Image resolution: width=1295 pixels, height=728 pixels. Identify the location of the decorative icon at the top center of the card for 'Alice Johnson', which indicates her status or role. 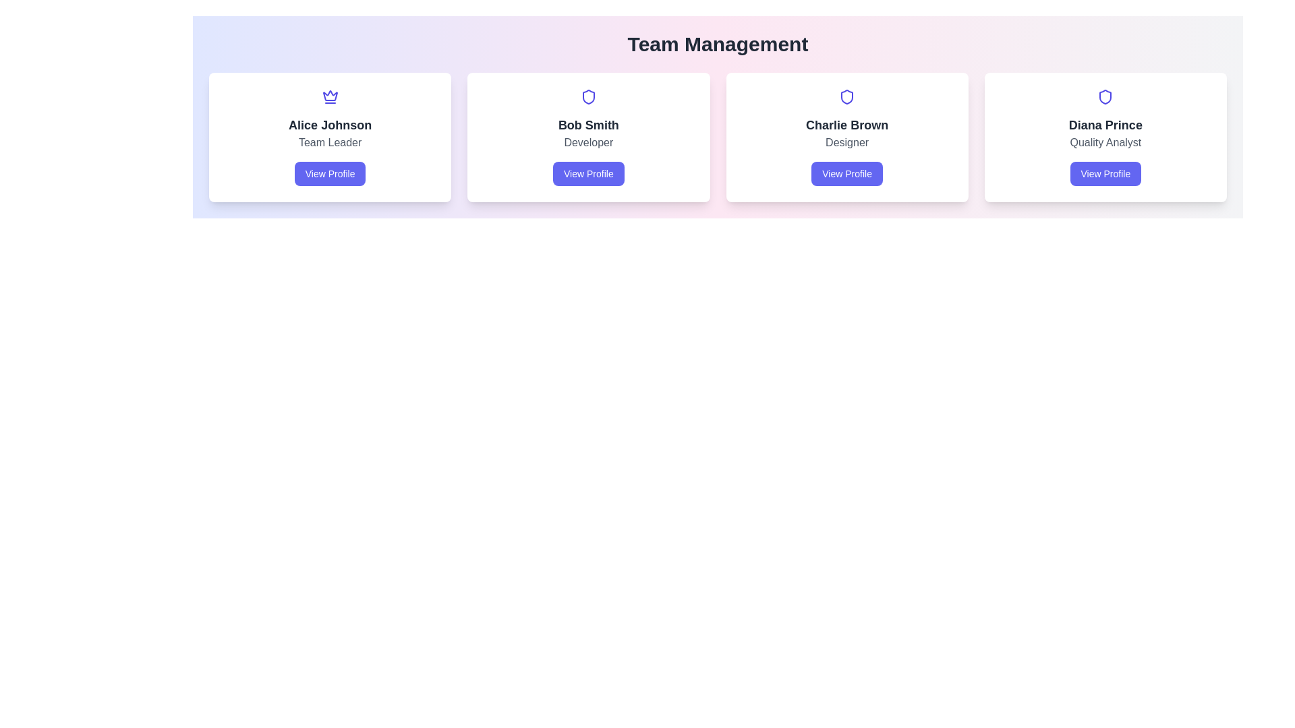
(330, 96).